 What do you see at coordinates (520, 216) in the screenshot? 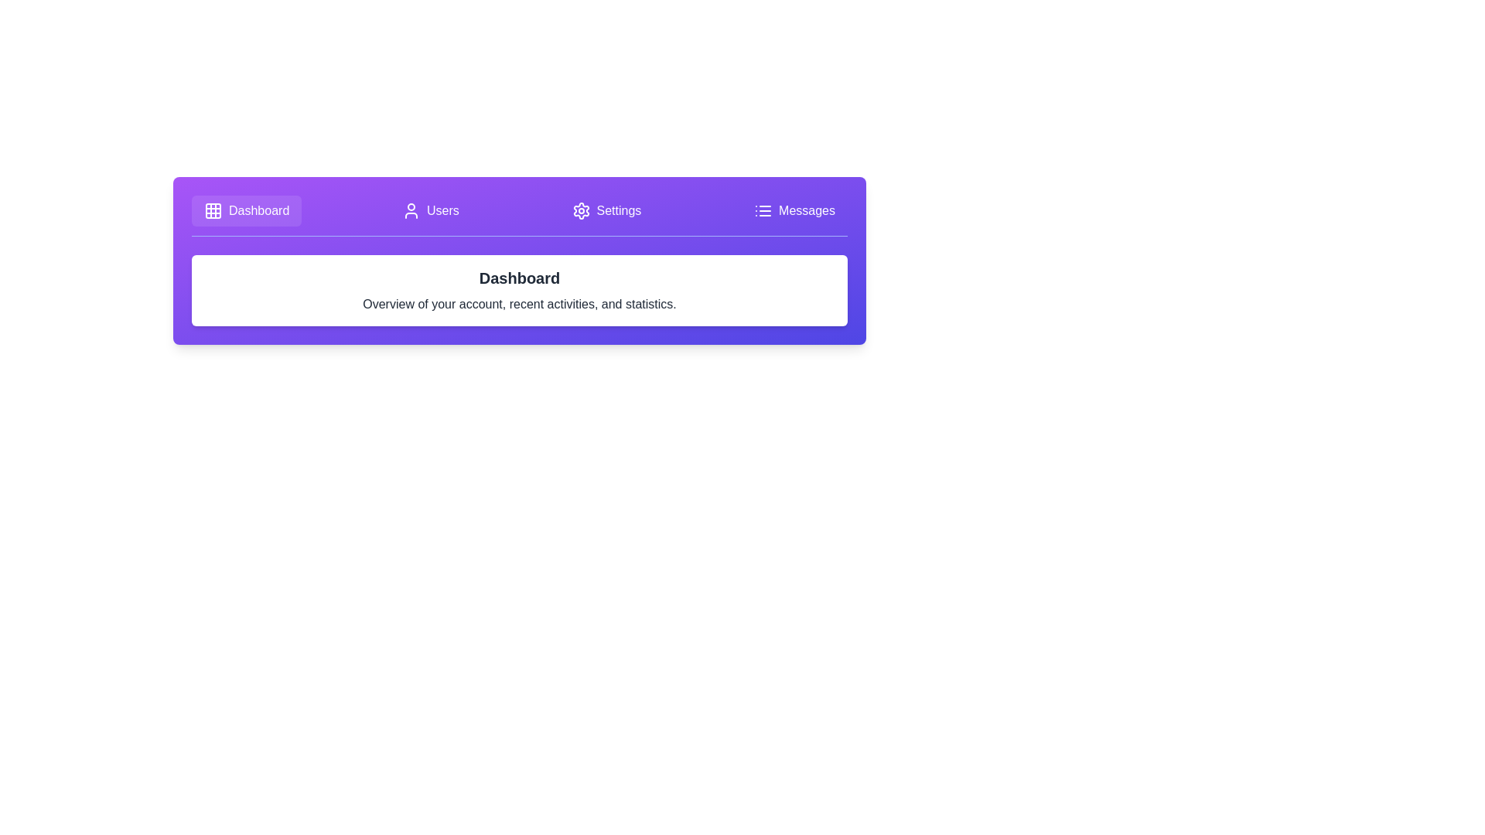
I see `the navigation bar located at the top of the interface, which provides quick access to different sections such as overview, user management, settings, and messages` at bounding box center [520, 216].